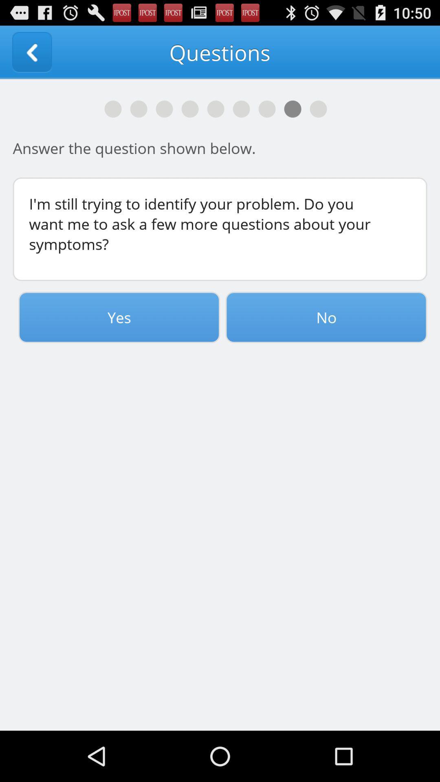  I want to click on the item below the i m still, so click(326, 317).